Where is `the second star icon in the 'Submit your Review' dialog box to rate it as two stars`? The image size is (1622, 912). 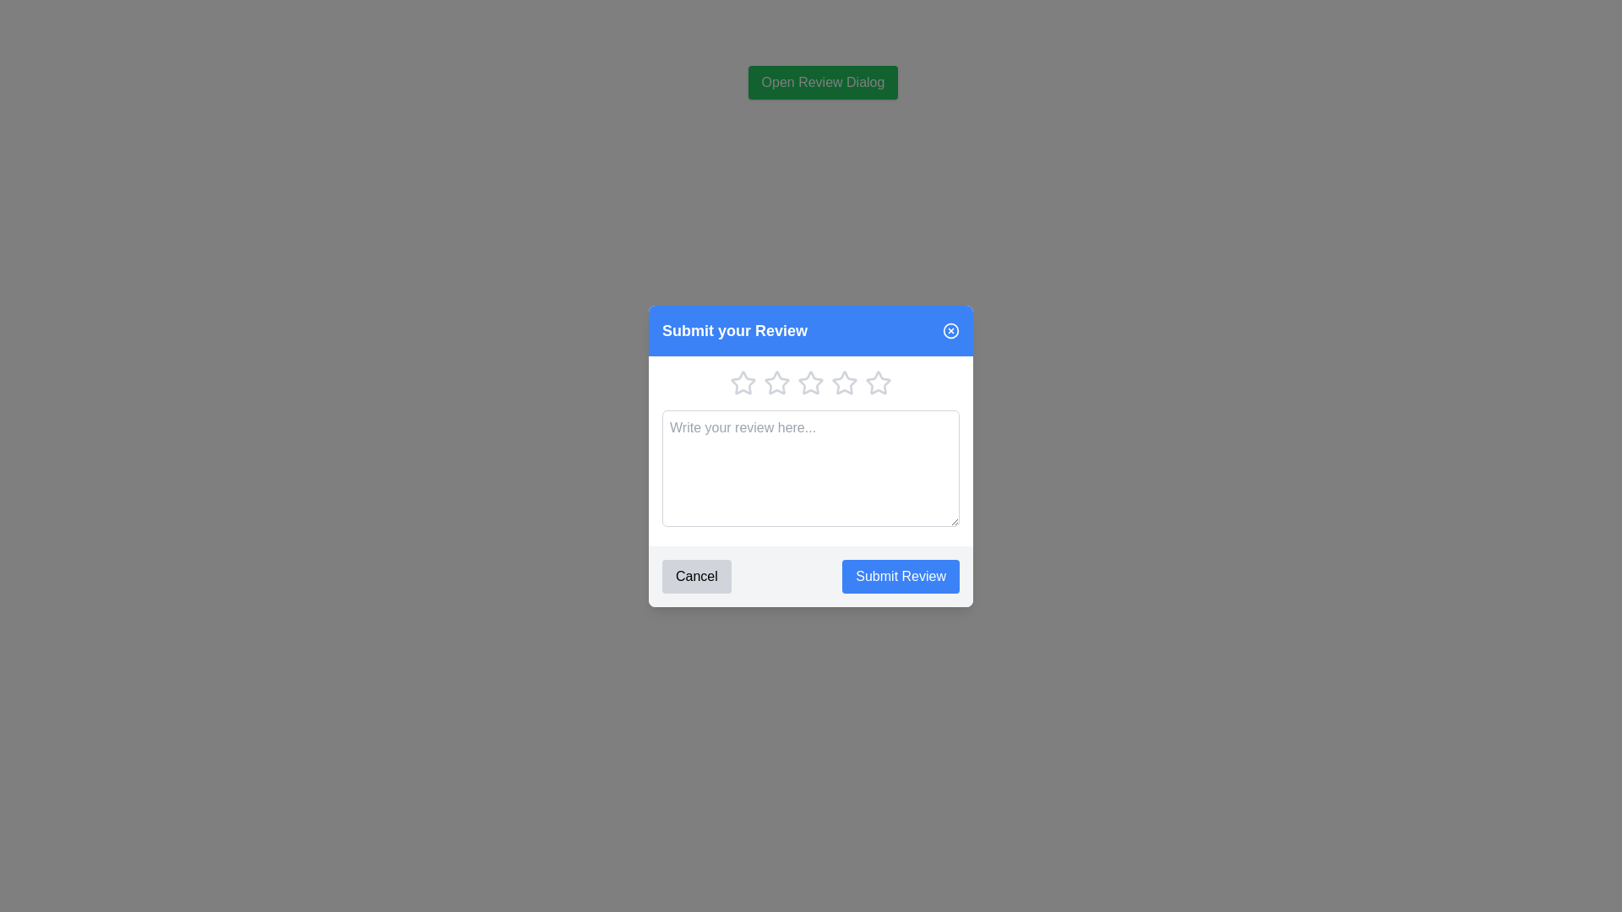
the second star icon in the 'Submit your Review' dialog box to rate it as two stars is located at coordinates (844, 382).